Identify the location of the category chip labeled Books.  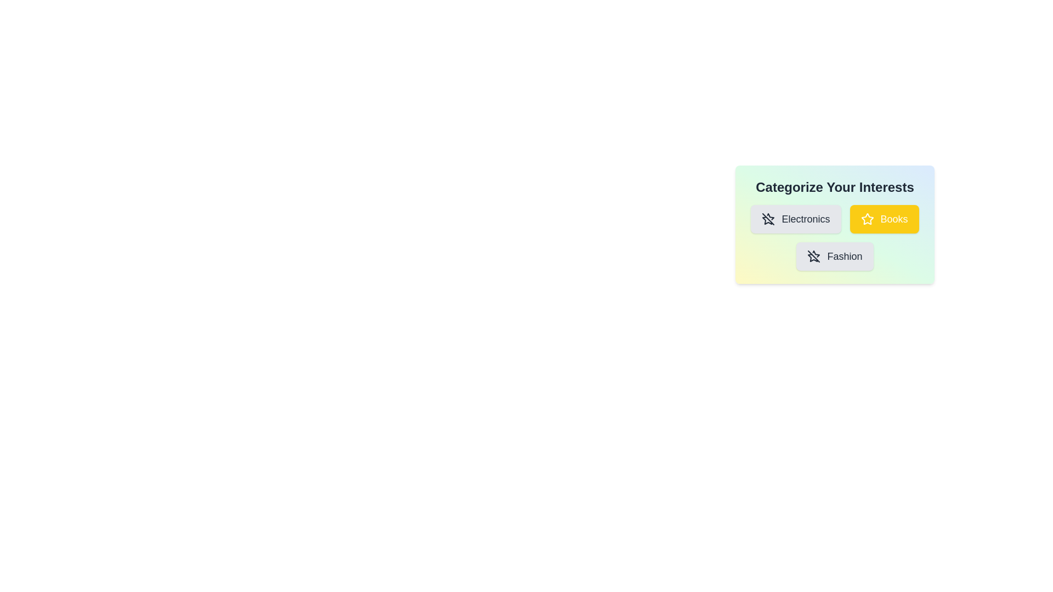
(884, 219).